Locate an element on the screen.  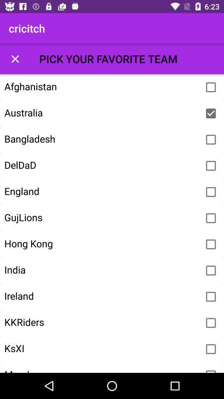
kkriders team is located at coordinates (211, 323).